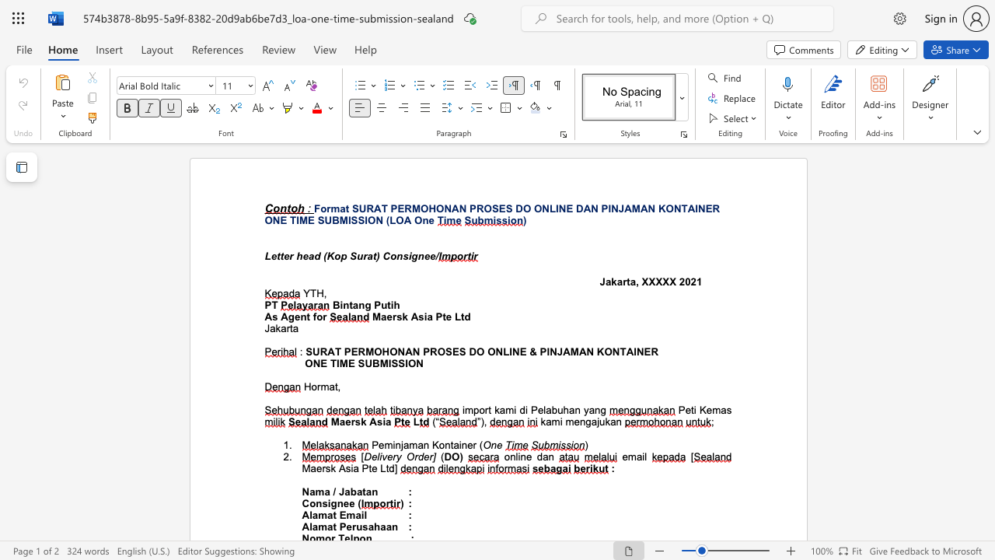 This screenshot has height=560, width=995. I want to click on the subset text "ta, XX" within the text "Jakarta, XXXXX", so click(627, 282).